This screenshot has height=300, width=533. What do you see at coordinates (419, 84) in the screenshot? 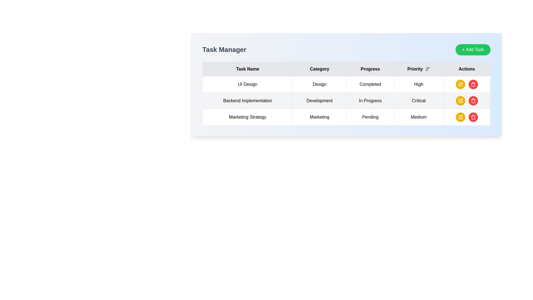
I see `text element indicating 'High' priority located in the fourth column of the first row of the task information table` at bounding box center [419, 84].